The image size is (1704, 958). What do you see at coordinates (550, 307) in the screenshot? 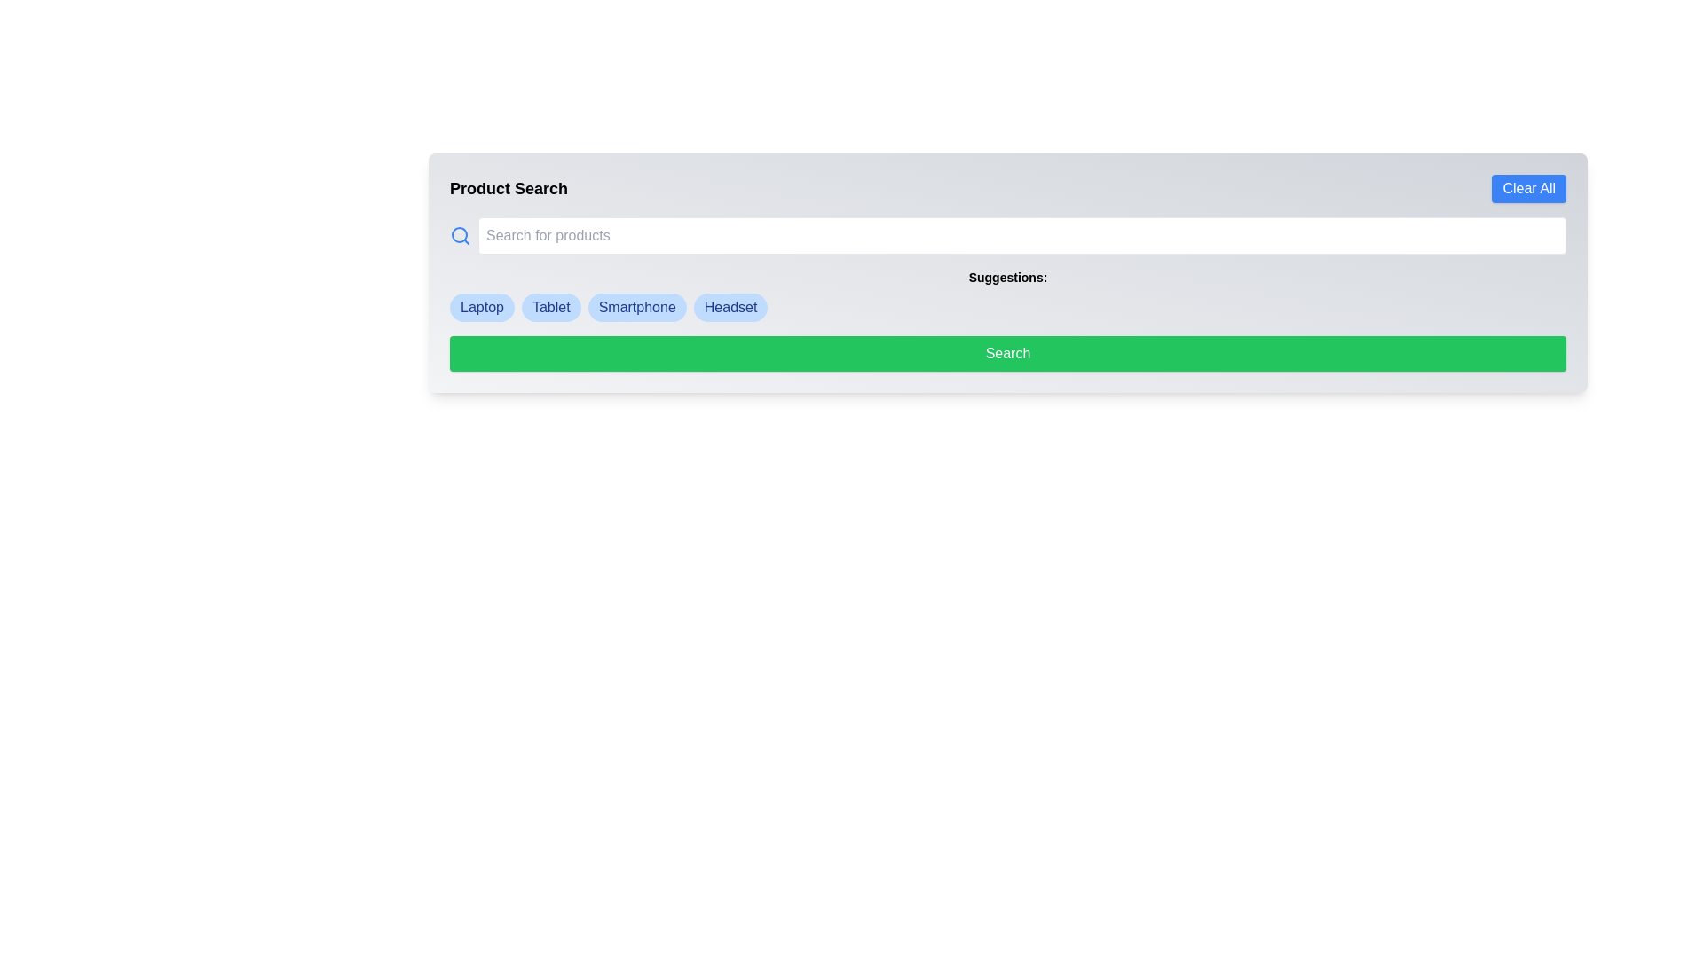
I see `the filter or search tag that is the second tag in a row of four, located directly to the right of the 'Laptop' tag and to the left of the 'Smartphone' tag, below the search bar` at bounding box center [550, 307].